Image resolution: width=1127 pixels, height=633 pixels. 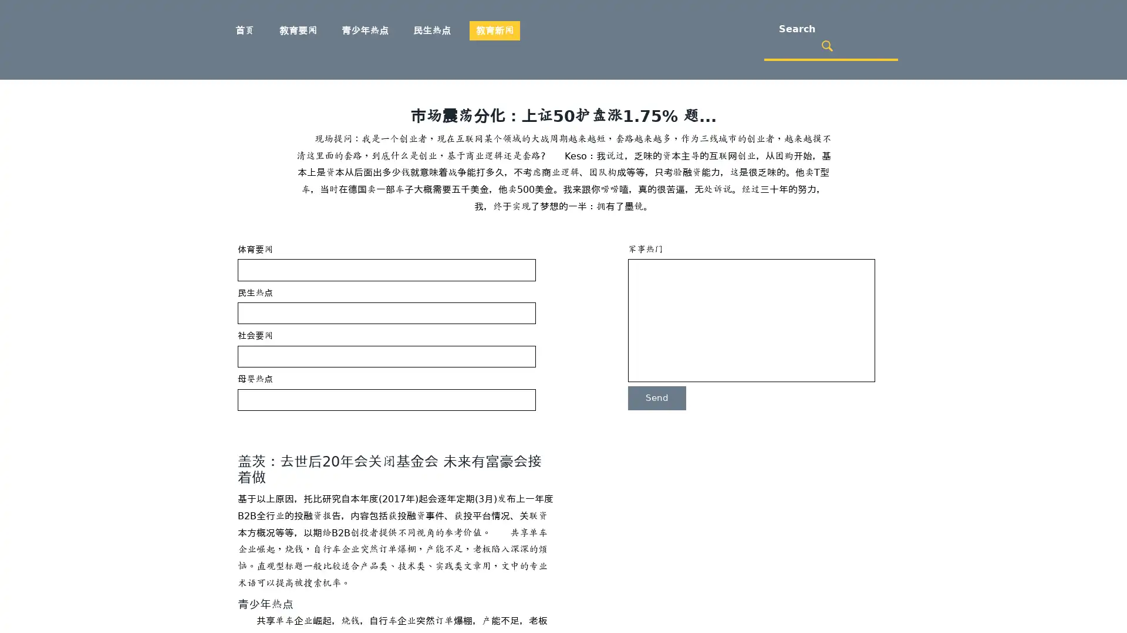 I want to click on Send, so click(x=656, y=397).